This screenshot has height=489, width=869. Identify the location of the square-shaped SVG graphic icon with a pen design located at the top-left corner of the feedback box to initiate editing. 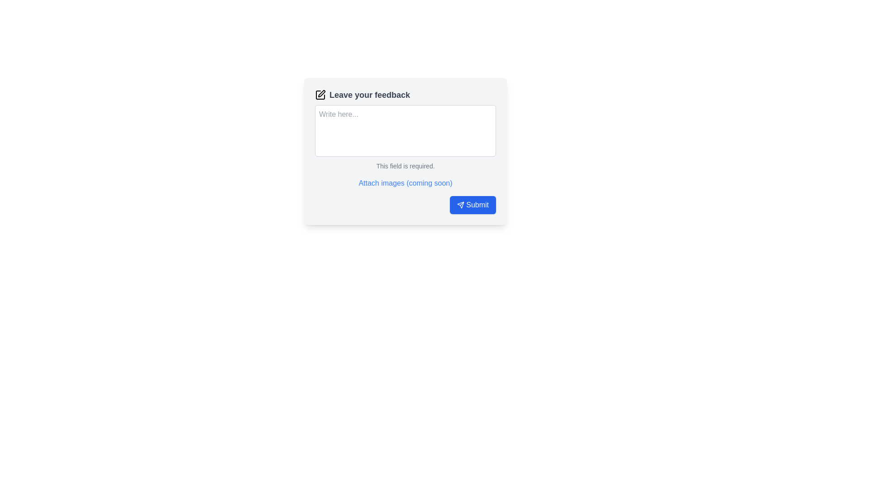
(320, 95).